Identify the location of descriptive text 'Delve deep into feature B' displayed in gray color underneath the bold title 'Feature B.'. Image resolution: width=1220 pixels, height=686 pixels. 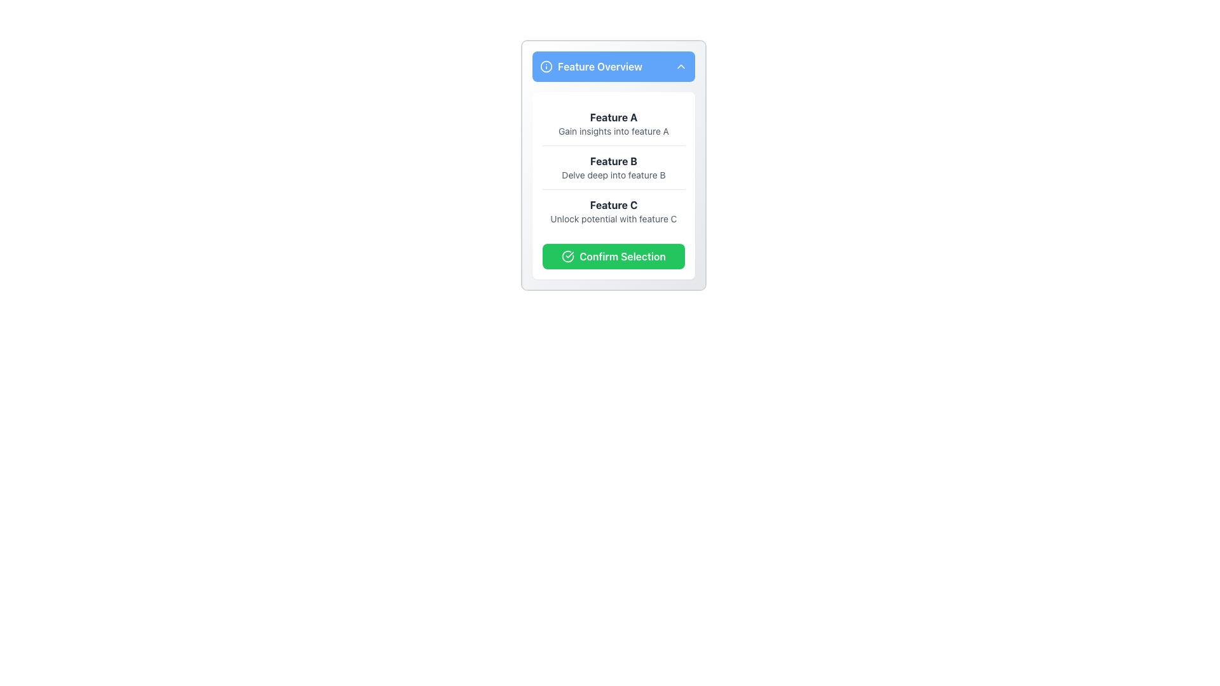
(613, 175).